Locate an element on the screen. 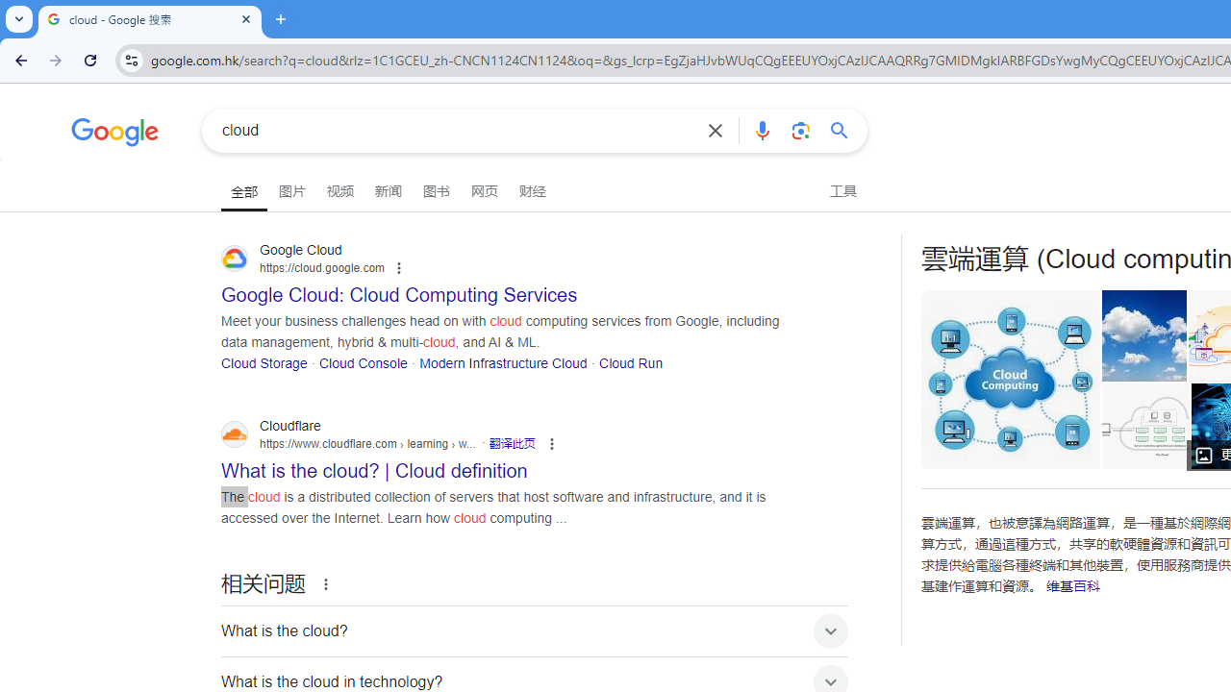 This screenshot has height=692, width=1231. 'Google' is located at coordinates (114, 133).